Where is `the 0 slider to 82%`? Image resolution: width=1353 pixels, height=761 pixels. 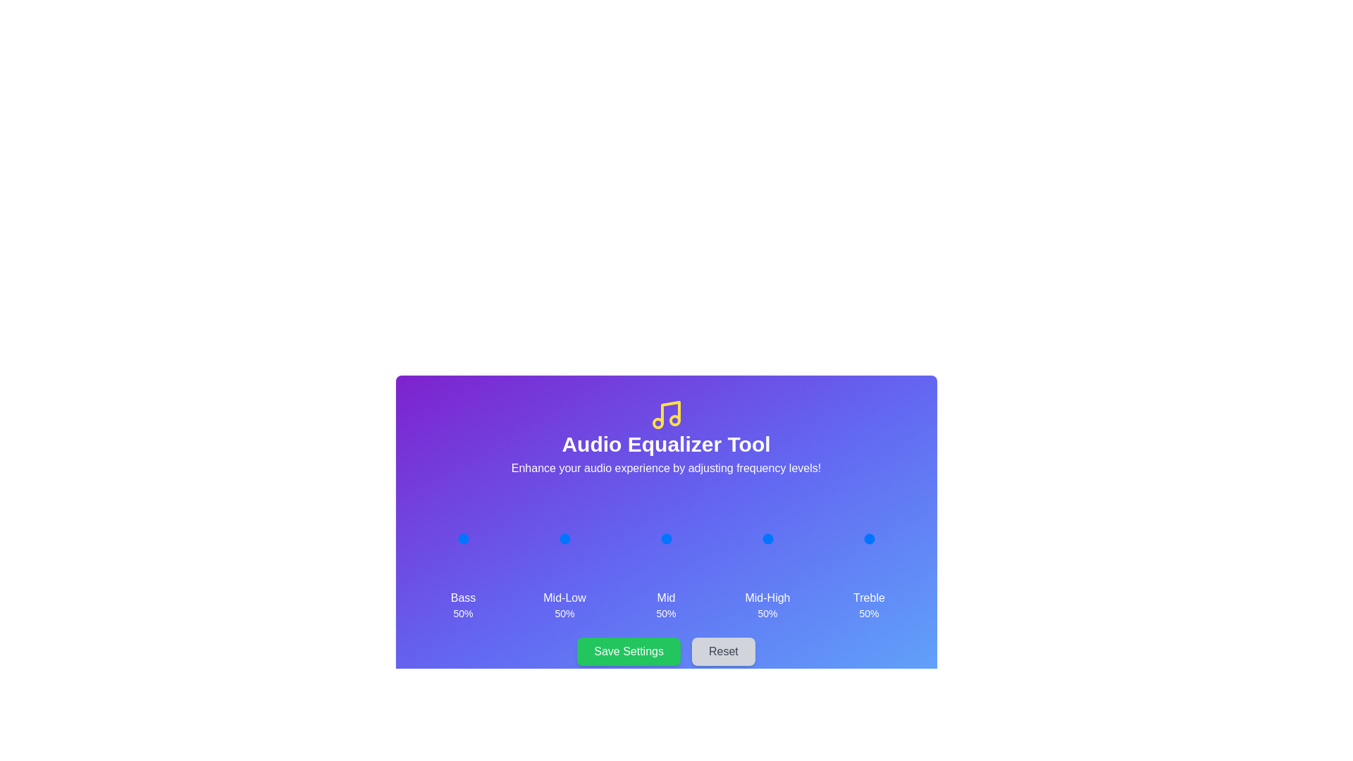
the 0 slider to 82% is located at coordinates (477, 538).